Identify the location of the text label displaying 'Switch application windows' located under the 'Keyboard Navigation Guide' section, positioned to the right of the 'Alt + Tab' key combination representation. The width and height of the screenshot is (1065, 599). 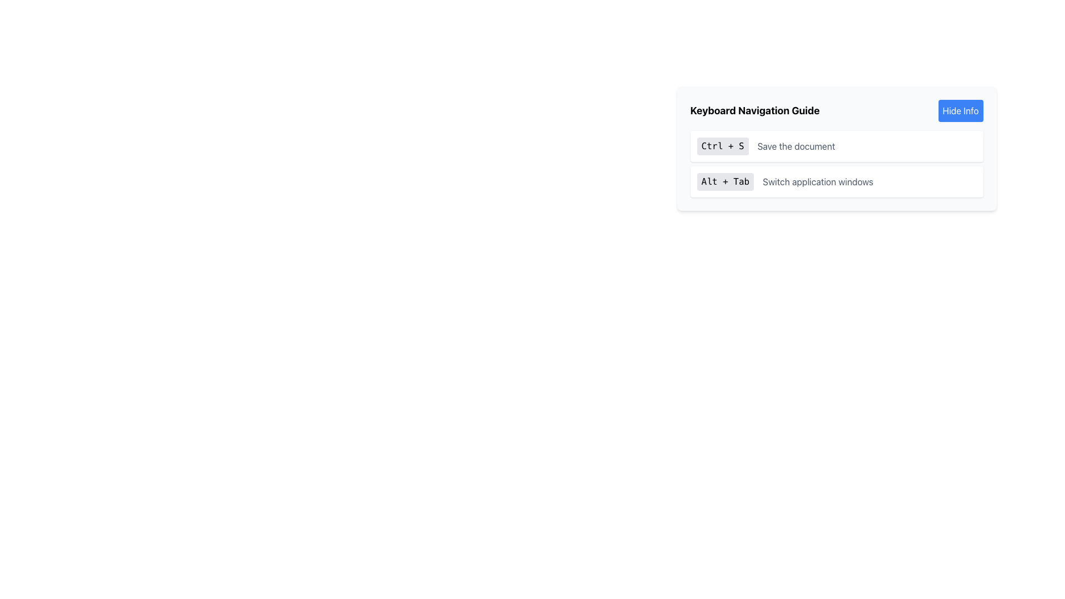
(818, 181).